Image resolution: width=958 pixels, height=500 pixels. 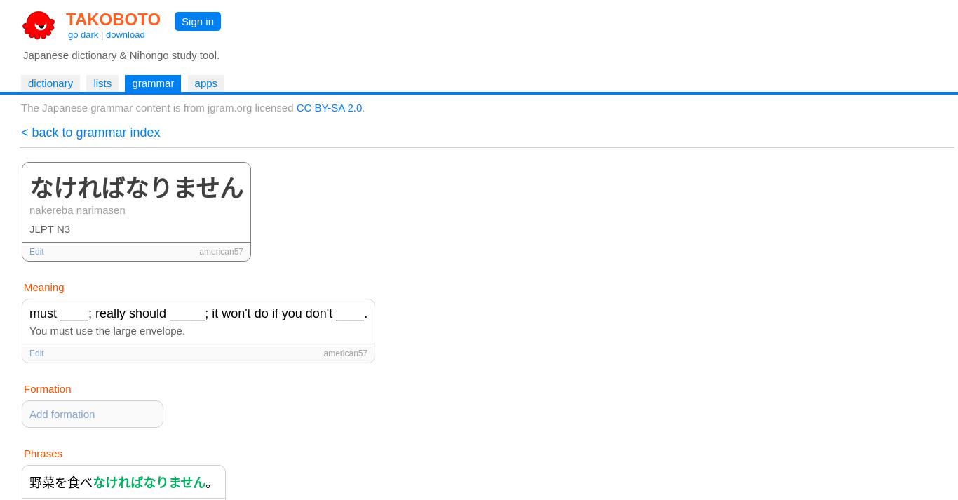 I want to click on 'The Japanese grammar content is from jgram.org licensed', so click(x=157, y=107).